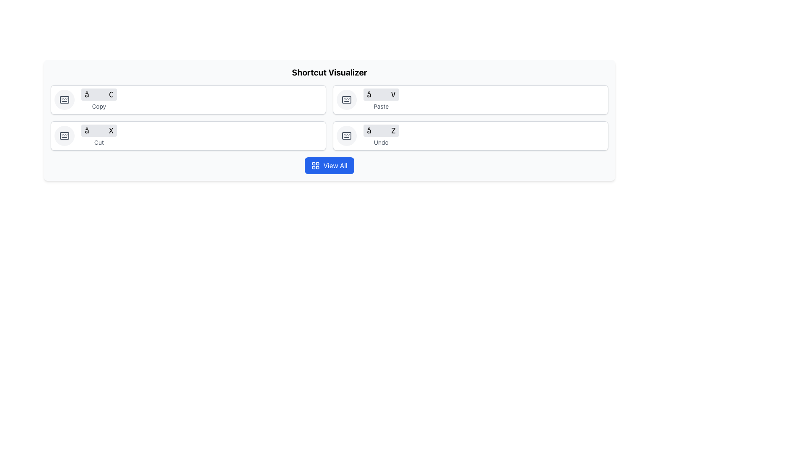 The image size is (805, 453). Describe the element at coordinates (64, 135) in the screenshot. I see `the keyboard input icon located in the left column, second row of the grid` at that location.